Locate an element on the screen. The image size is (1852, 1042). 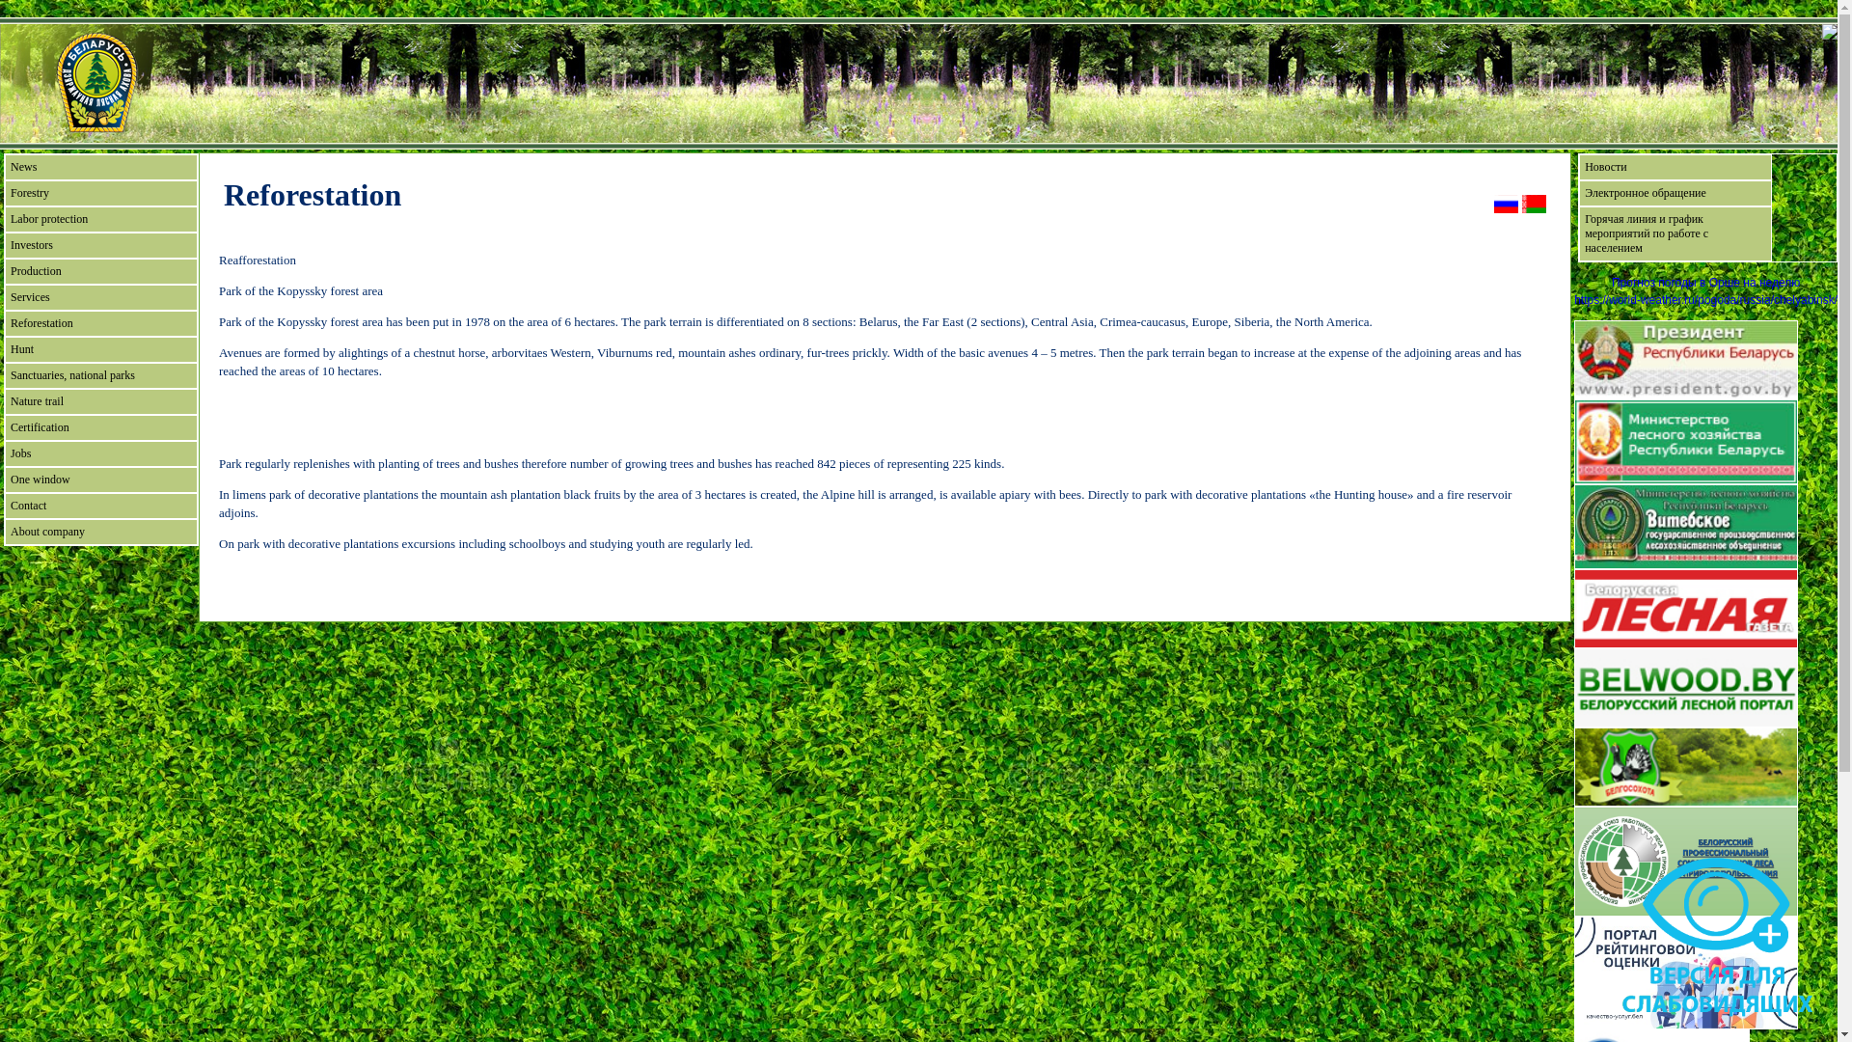
'Services' is located at coordinates (4, 297).